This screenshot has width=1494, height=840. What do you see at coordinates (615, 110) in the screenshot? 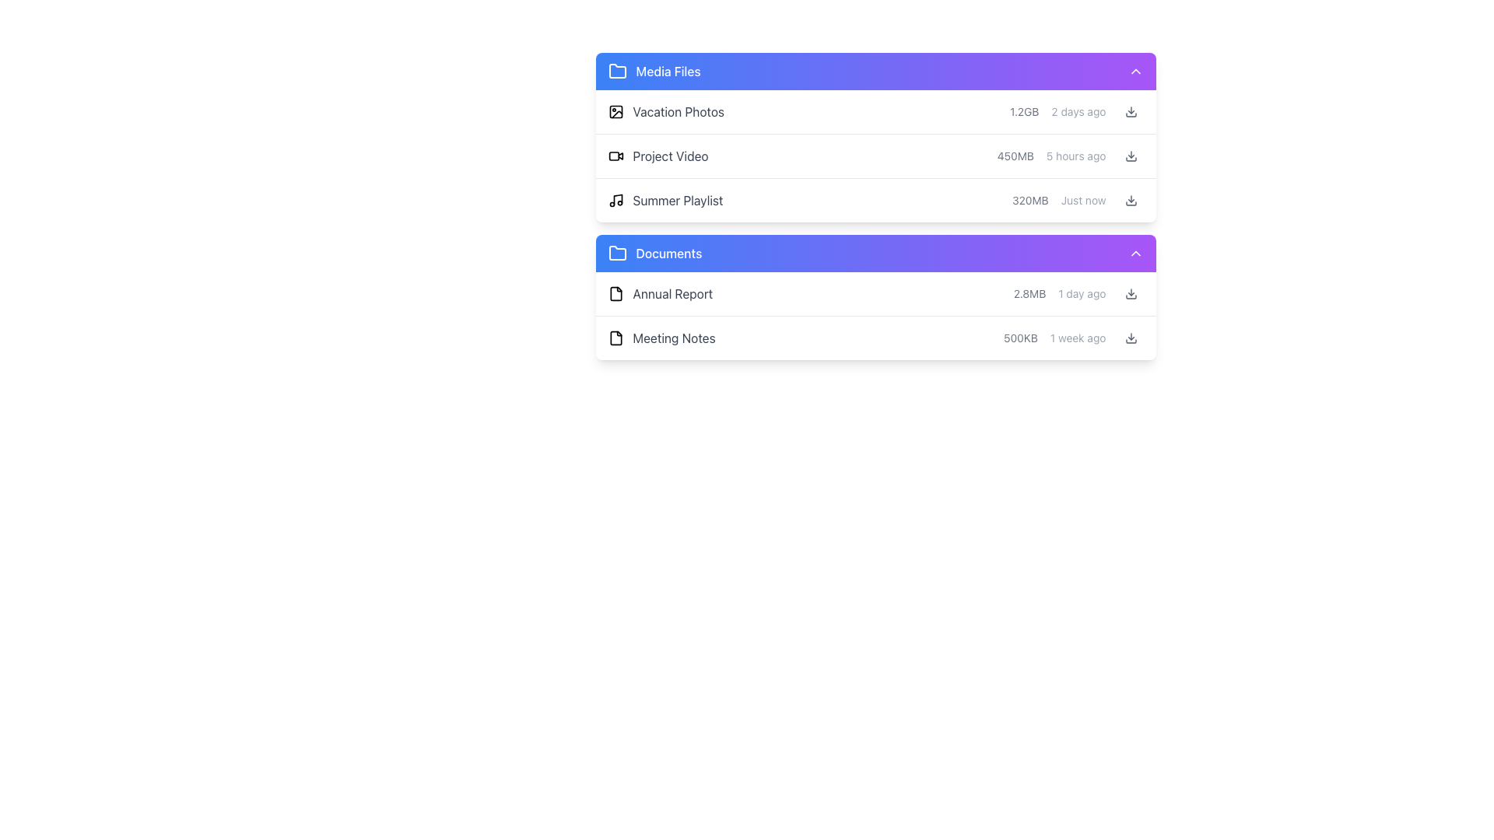
I see `the small icon resembling a general image symbol, located to the left of the text 'Vacation Photos' in the 'Media Files' category` at bounding box center [615, 110].